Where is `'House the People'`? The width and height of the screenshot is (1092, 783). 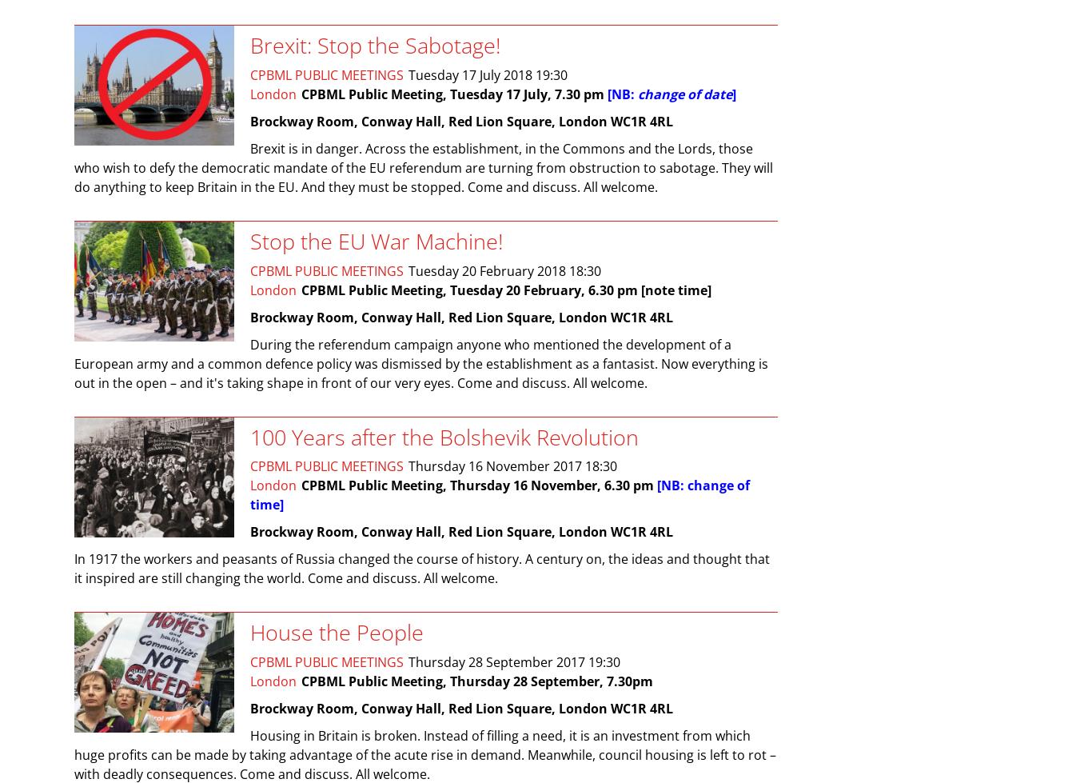 'House the People' is located at coordinates (336, 631).